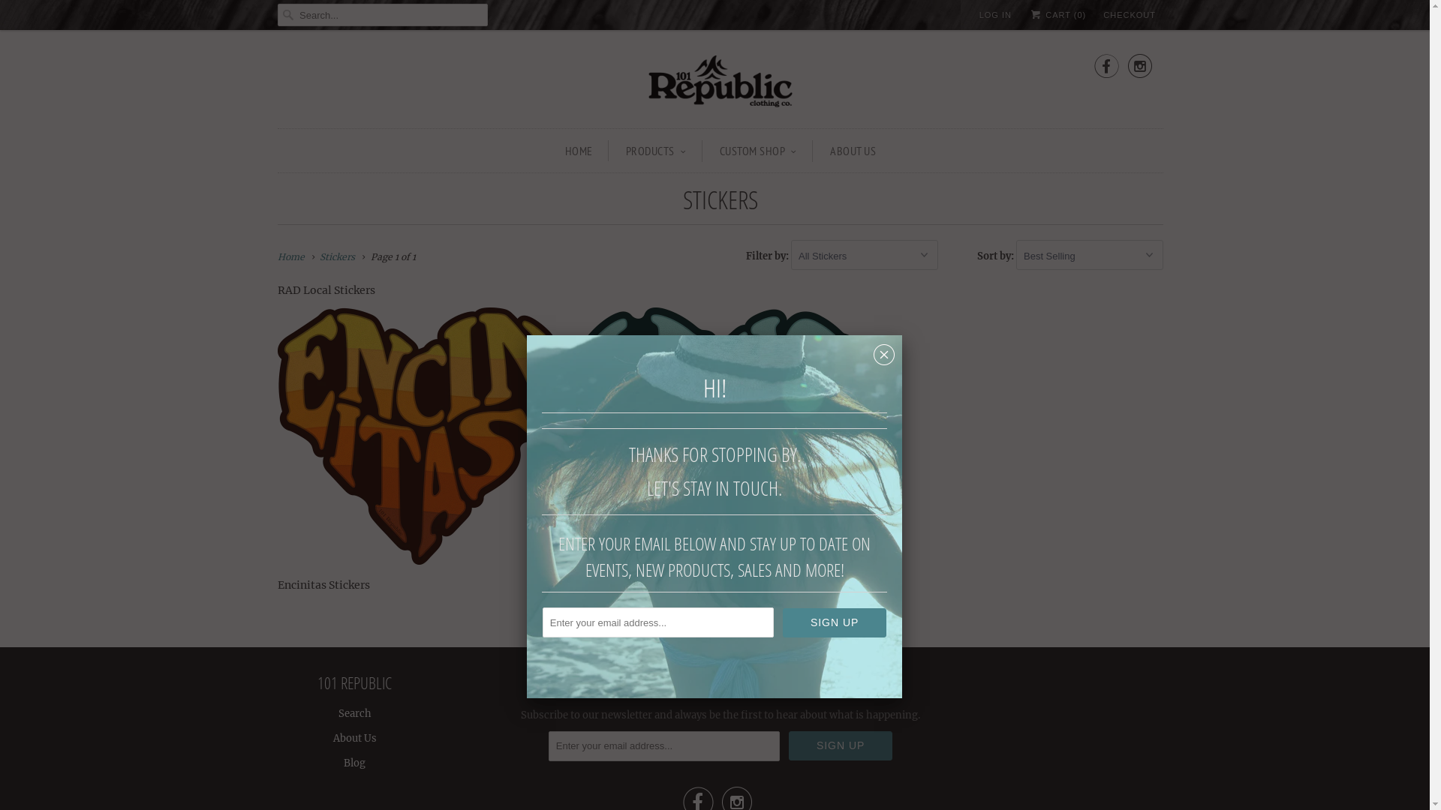 This screenshot has width=1441, height=810. Describe the element at coordinates (839, 745) in the screenshot. I see `'Sign Up'` at that location.